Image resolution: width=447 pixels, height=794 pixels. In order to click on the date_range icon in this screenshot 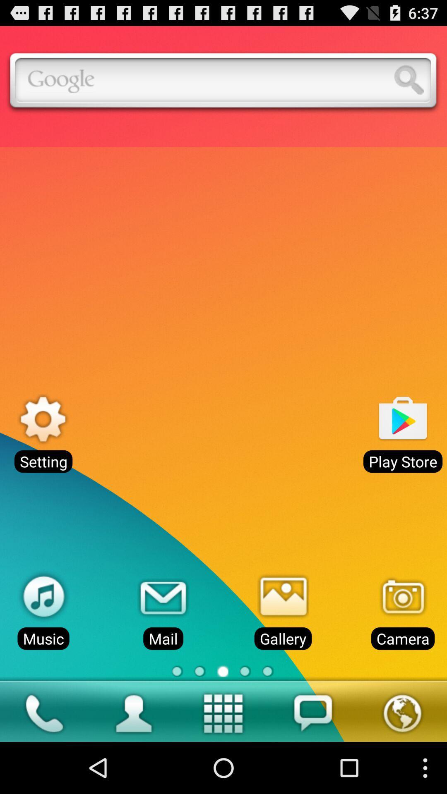, I will do `click(223, 763)`.